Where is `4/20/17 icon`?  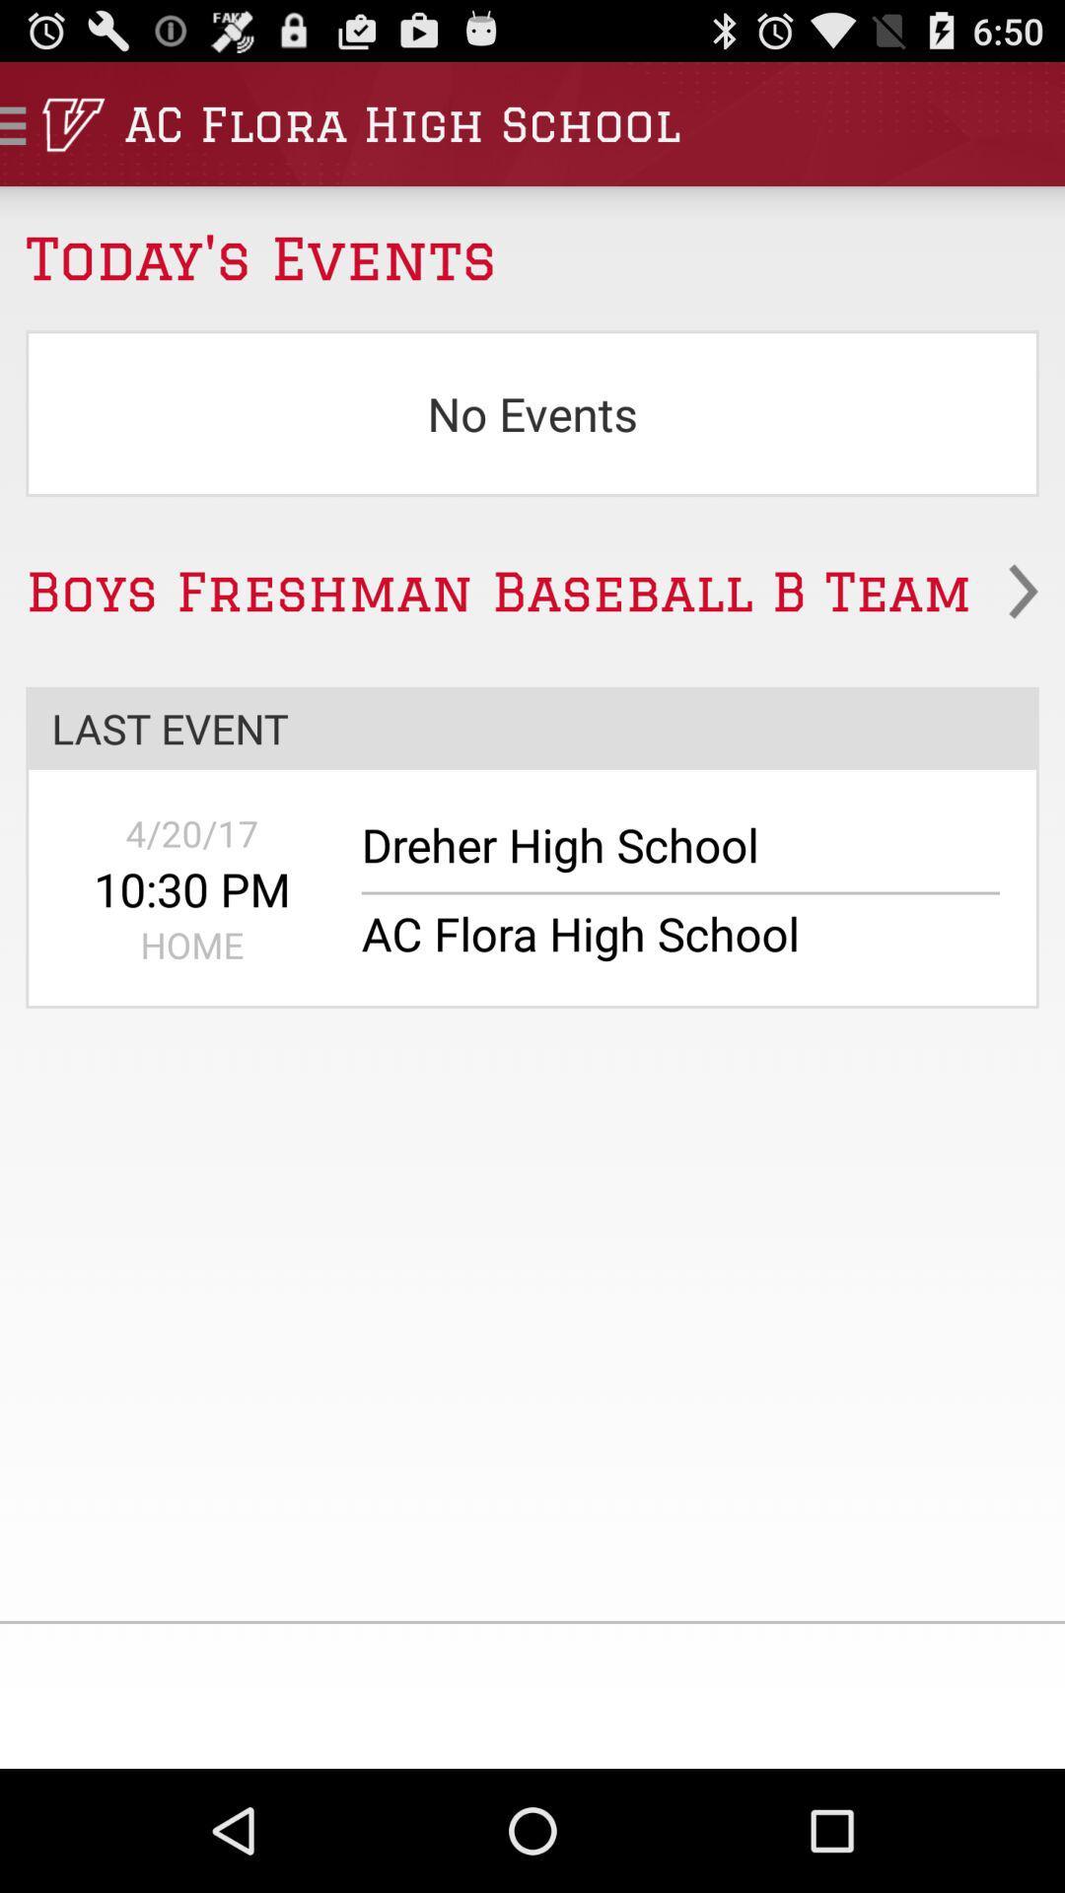 4/20/17 icon is located at coordinates (192, 833).